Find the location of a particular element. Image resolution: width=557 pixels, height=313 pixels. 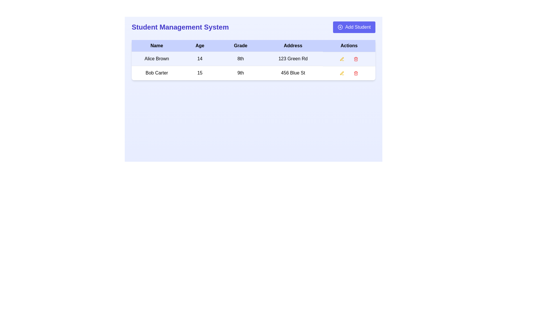

the address text label displaying '123 Green Rd' in the first row of the data table is located at coordinates (293, 59).